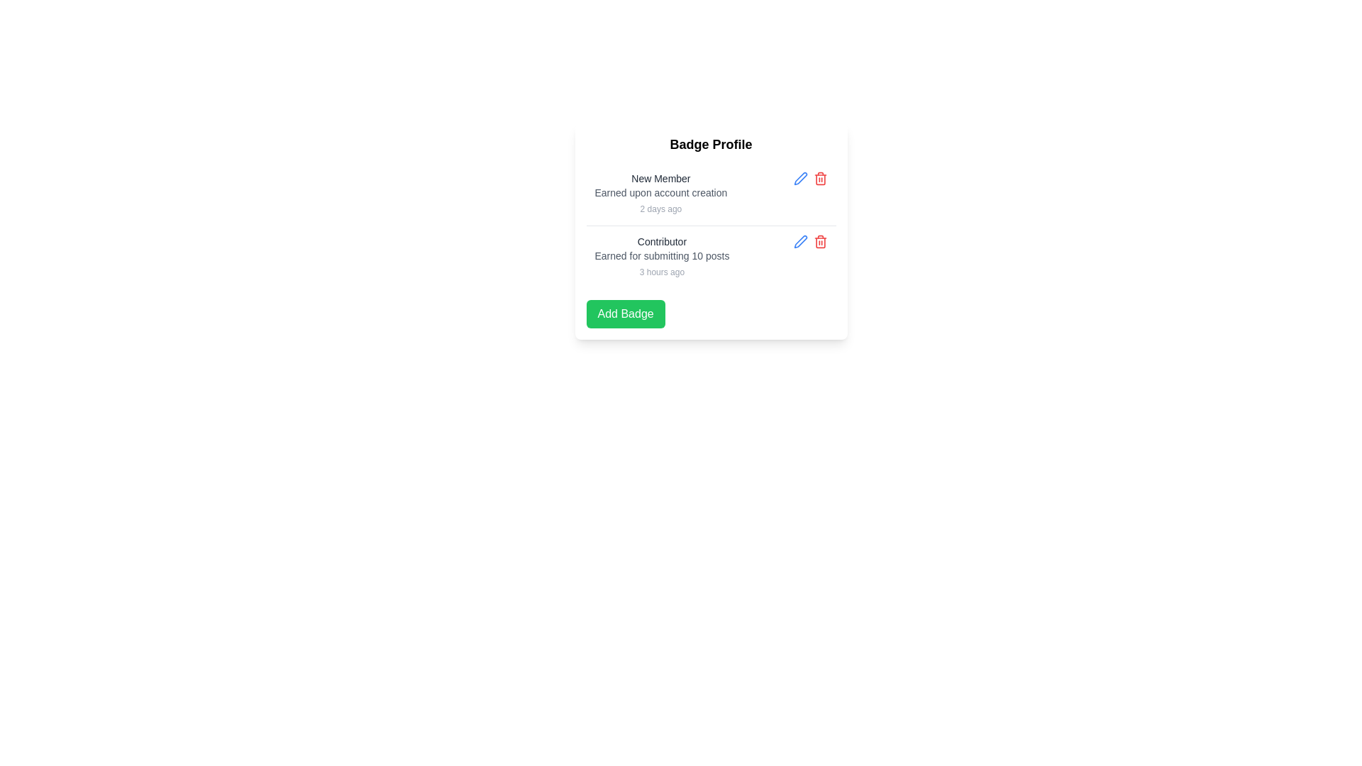  Describe the element at coordinates (800, 177) in the screenshot. I see `the pencil icon used for editing, located to the right of the 'Contributor' label in the badge profile card` at that location.